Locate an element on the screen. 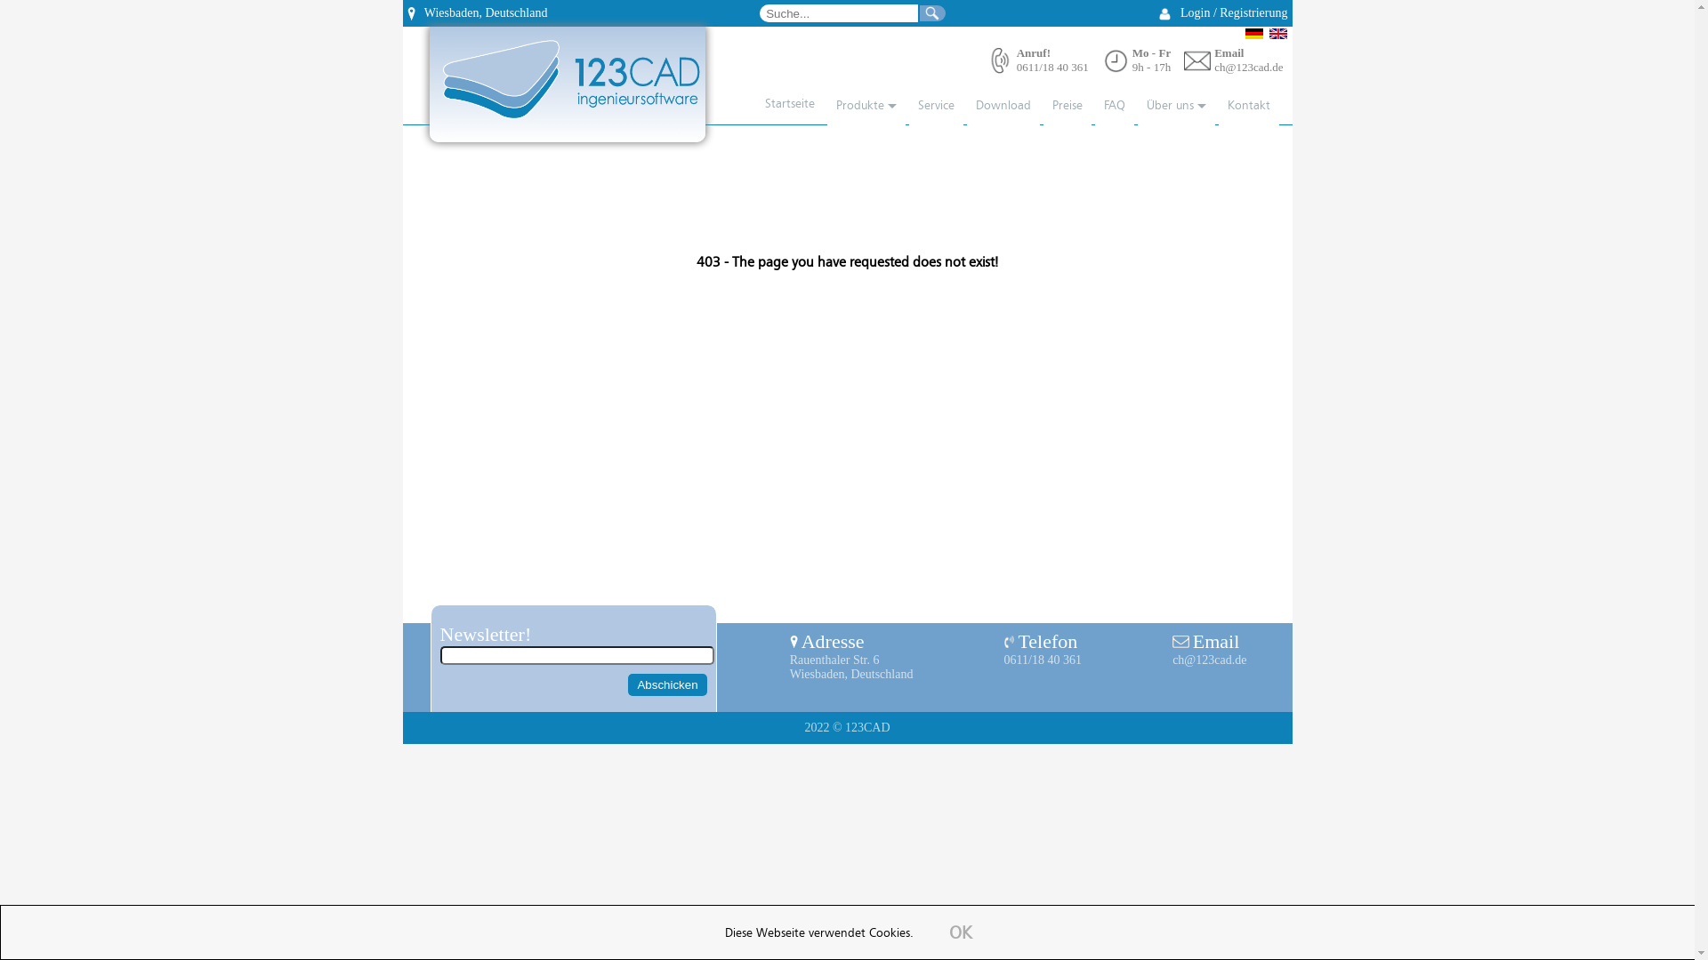 Image resolution: width=1708 pixels, height=960 pixels. 'Download' is located at coordinates (964, 106).